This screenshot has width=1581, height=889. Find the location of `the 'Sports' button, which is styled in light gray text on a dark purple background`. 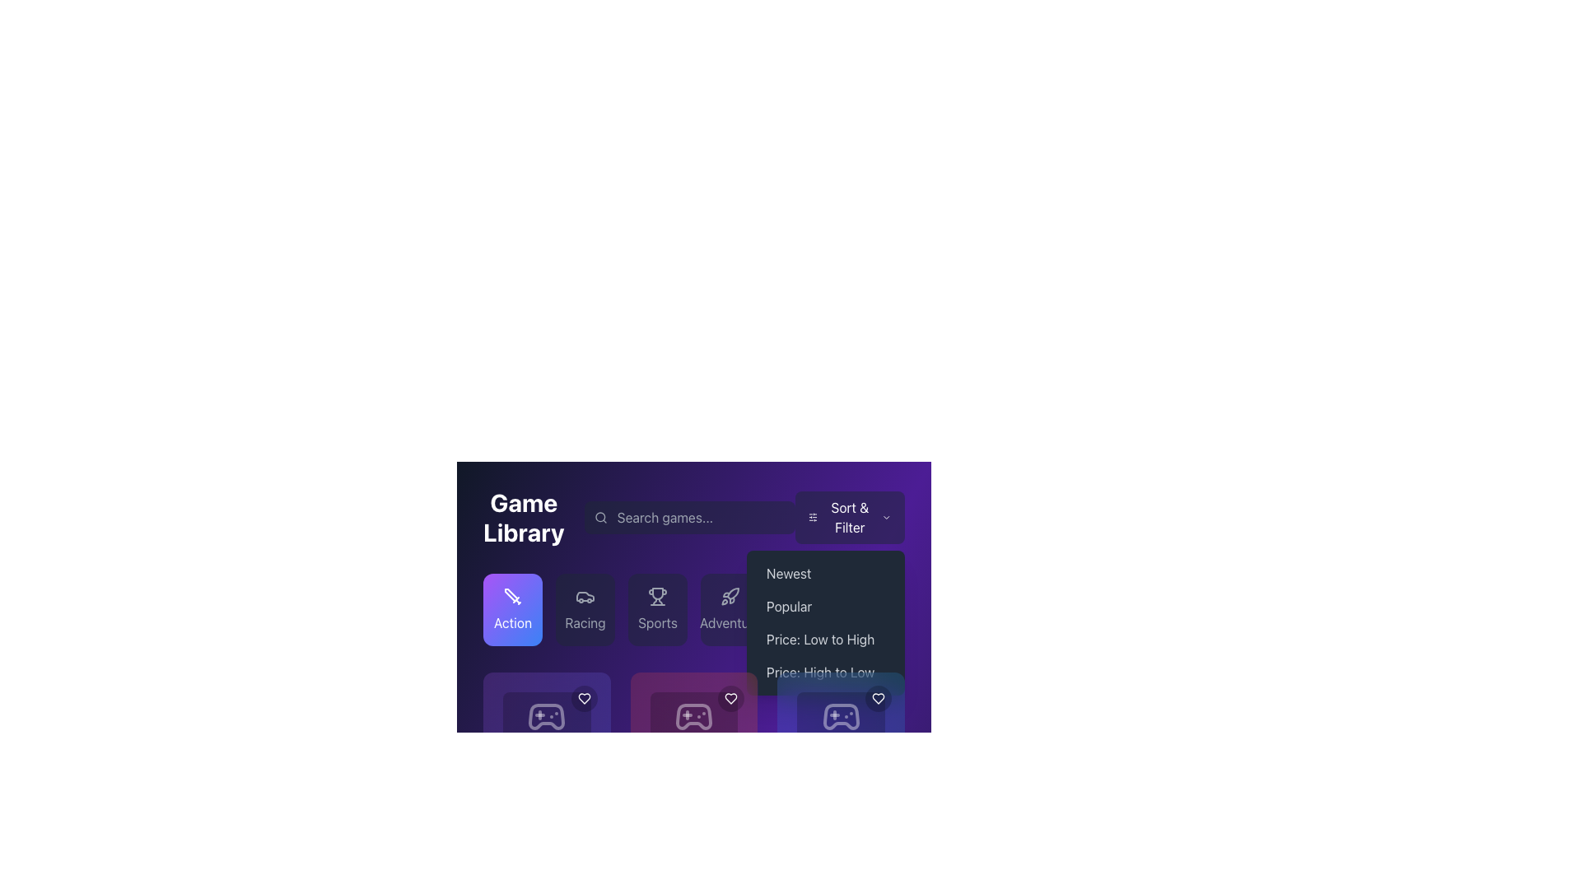

the 'Sports' button, which is styled in light gray text on a dark purple background is located at coordinates (657, 622).